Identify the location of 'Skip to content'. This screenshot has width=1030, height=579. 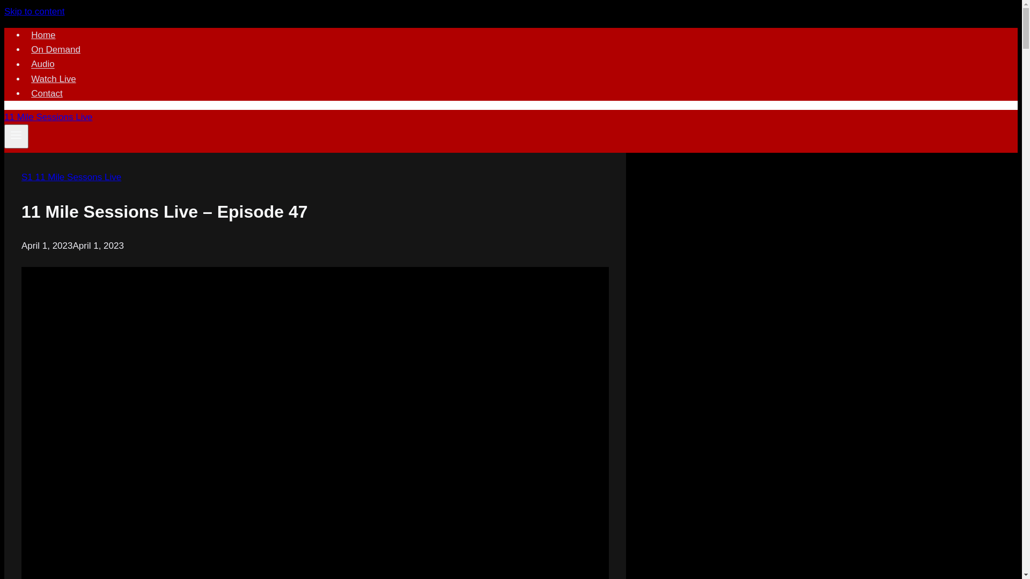
(34, 11).